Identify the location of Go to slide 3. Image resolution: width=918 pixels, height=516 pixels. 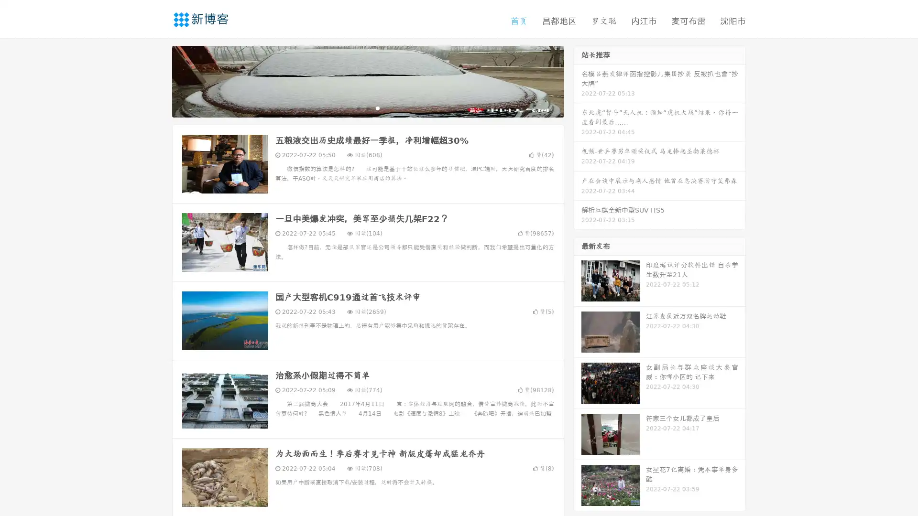
(377, 107).